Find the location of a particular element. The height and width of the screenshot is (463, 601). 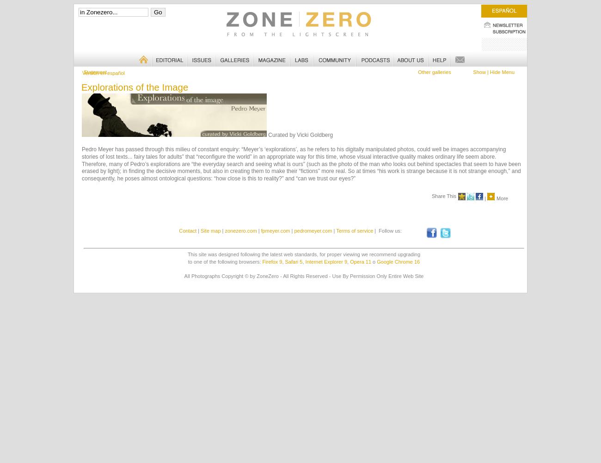

'Galleries' is located at coordinates (215, 54).